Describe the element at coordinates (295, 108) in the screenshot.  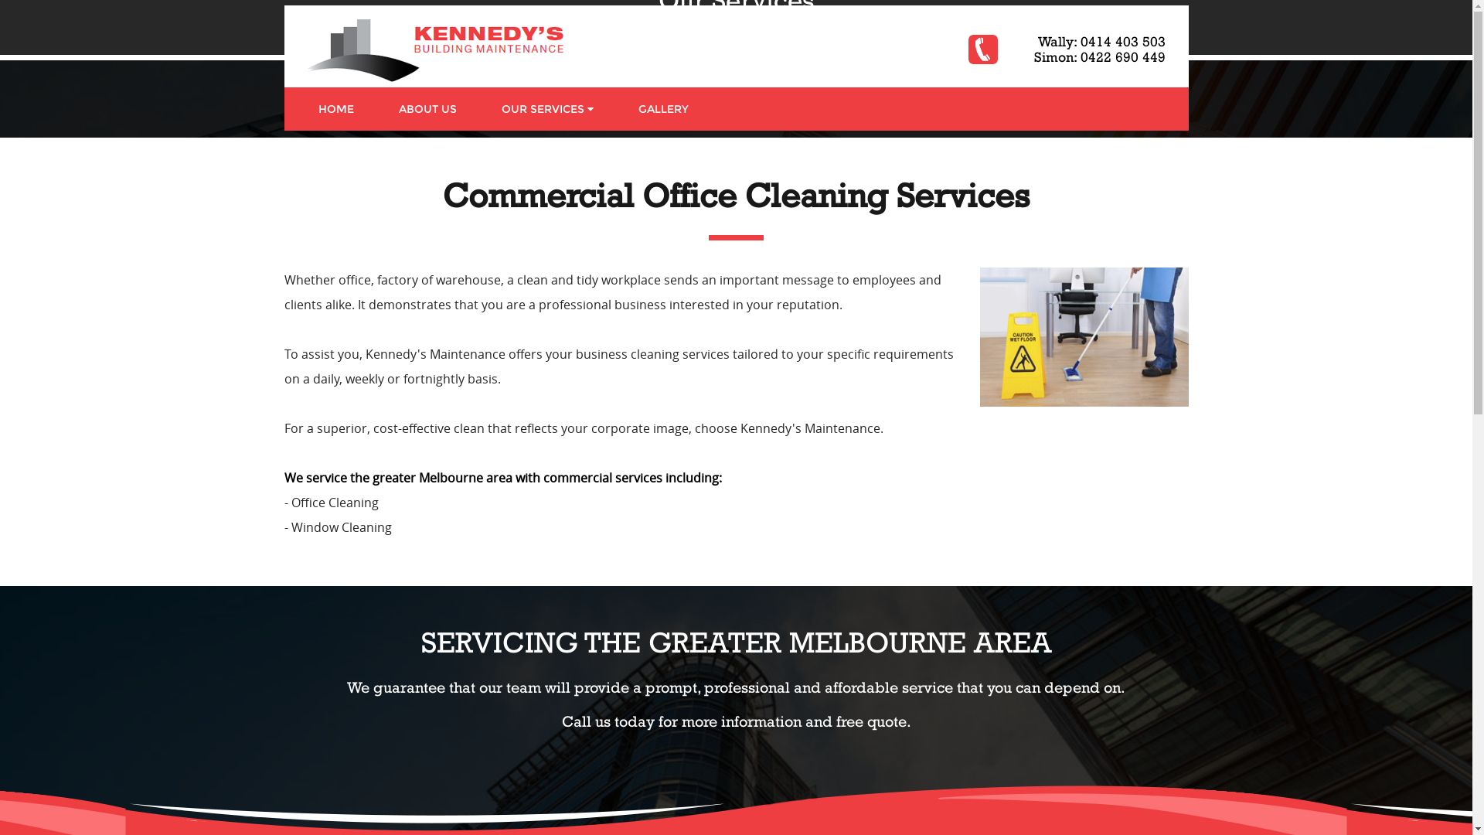
I see `'HOME'` at that location.